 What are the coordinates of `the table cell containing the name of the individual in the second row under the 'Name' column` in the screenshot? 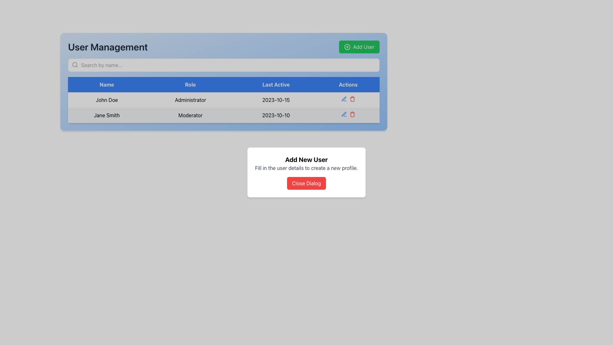 It's located at (107, 115).